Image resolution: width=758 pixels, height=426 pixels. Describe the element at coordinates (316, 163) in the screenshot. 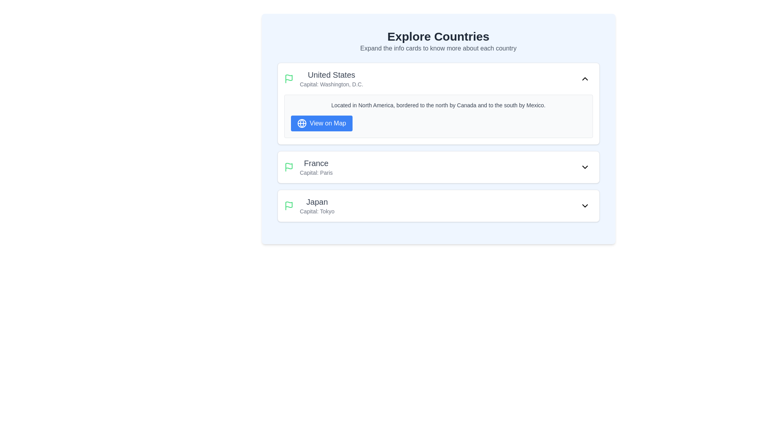

I see `the static text element that displays the name of the country, which is the topmost component in the second card of the vertically arranged list of country cards` at that location.